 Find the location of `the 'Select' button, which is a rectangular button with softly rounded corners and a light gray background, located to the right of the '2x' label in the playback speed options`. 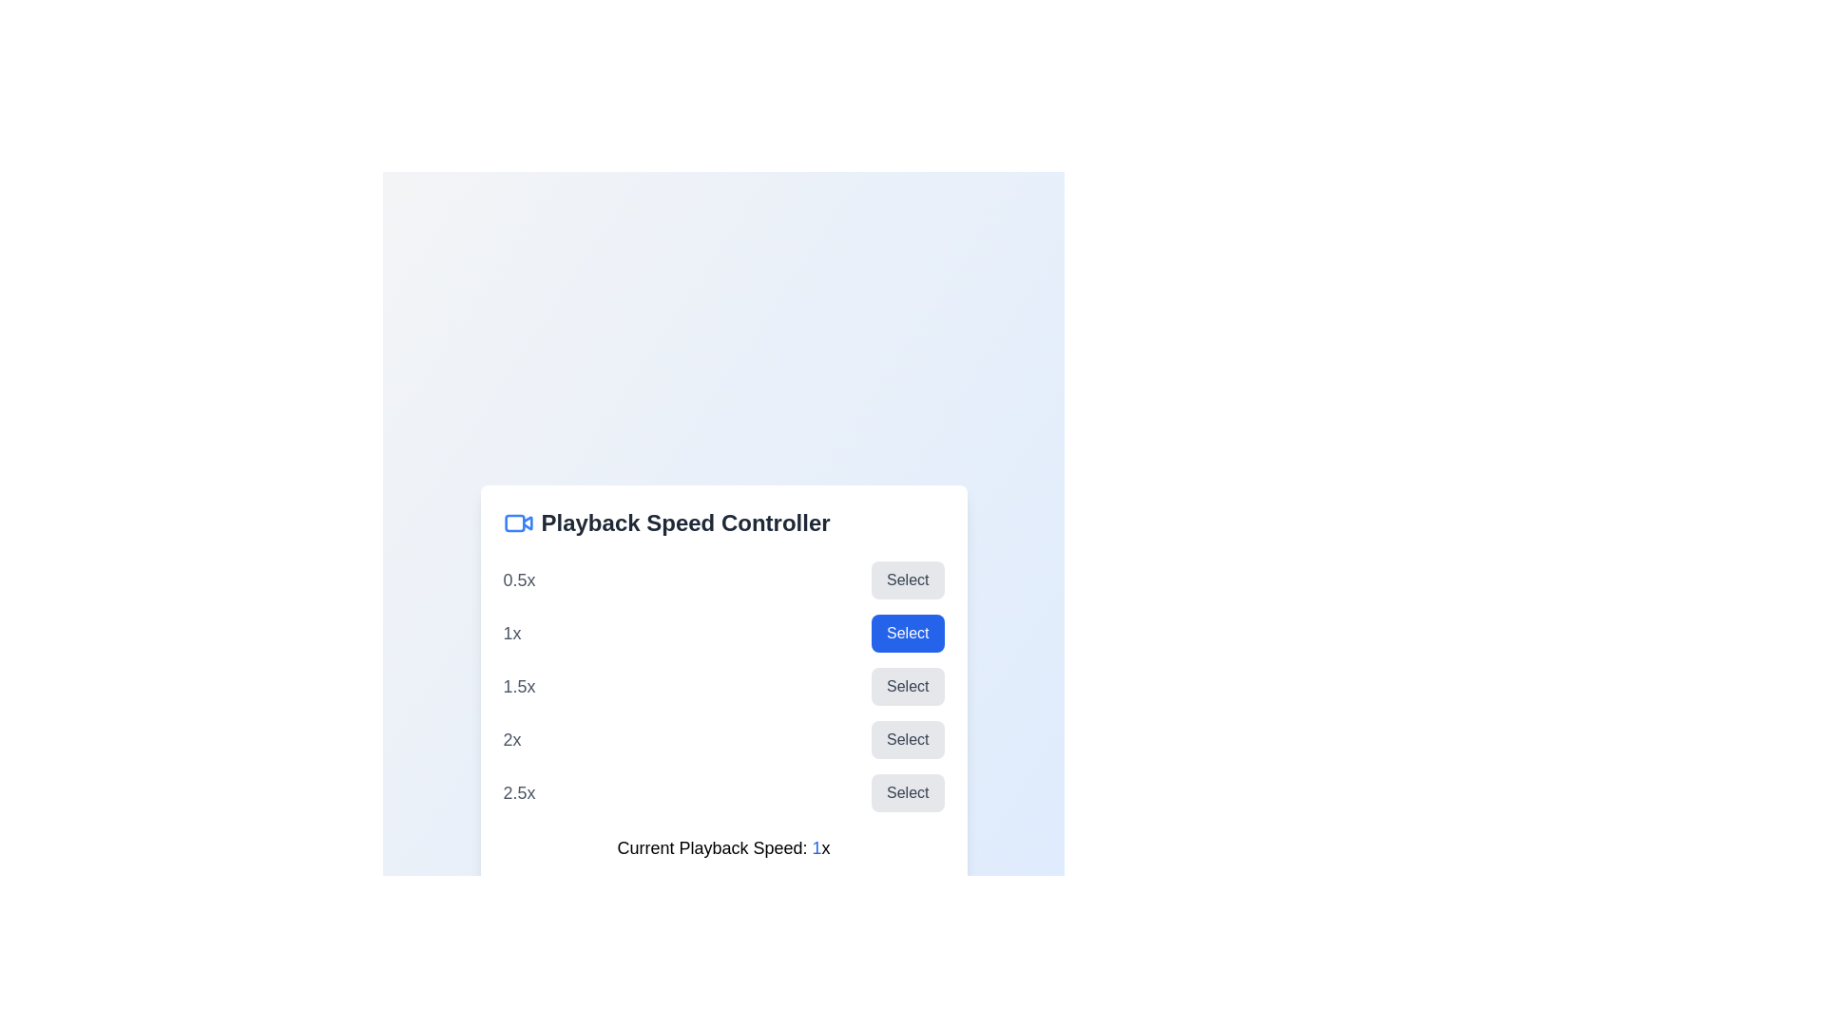

the 'Select' button, which is a rectangular button with softly rounded corners and a light gray background, located to the right of the '2x' label in the playback speed options is located at coordinates (907, 739).